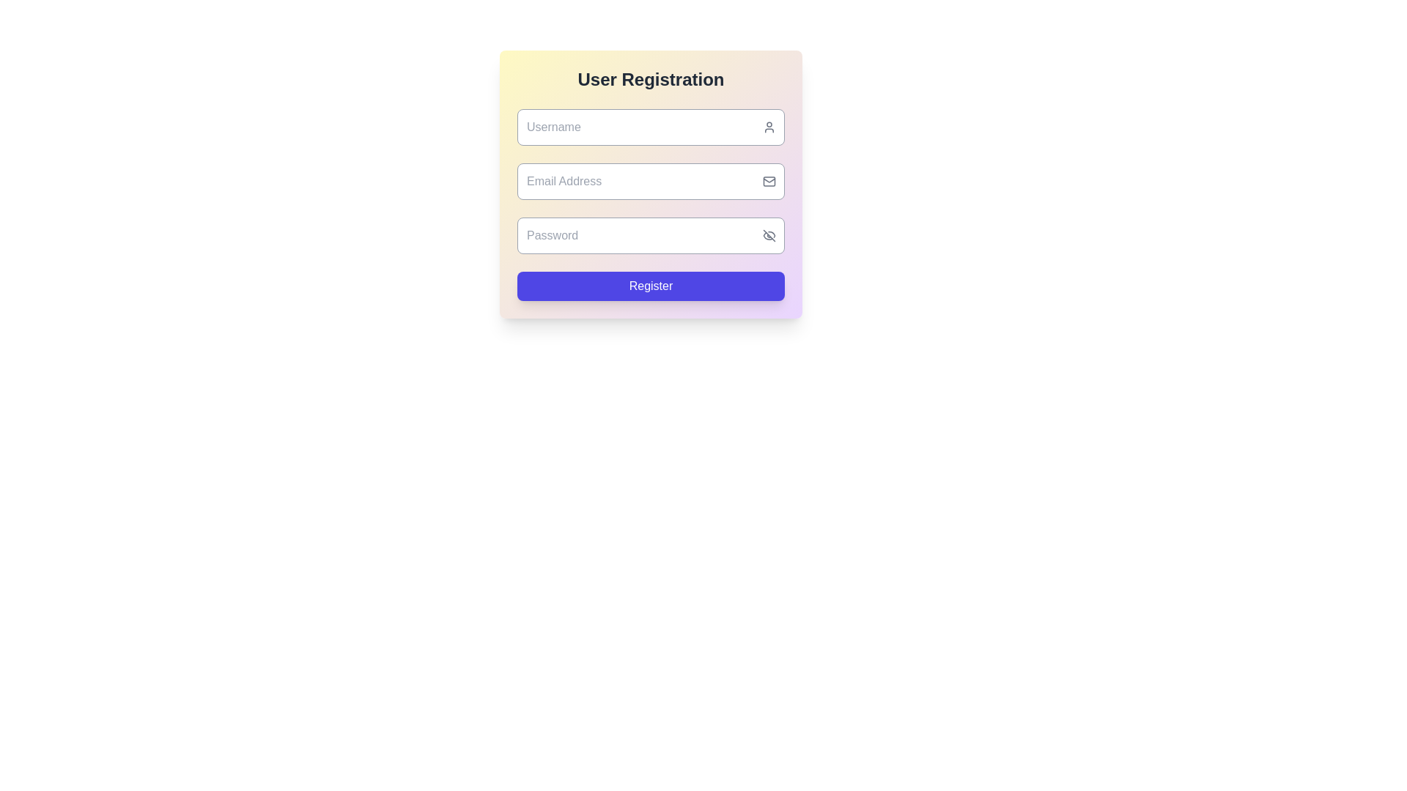  Describe the element at coordinates (769, 126) in the screenshot. I see `the visual indicator icon associated with the username input field, located at the right-middle side of the input box` at that location.